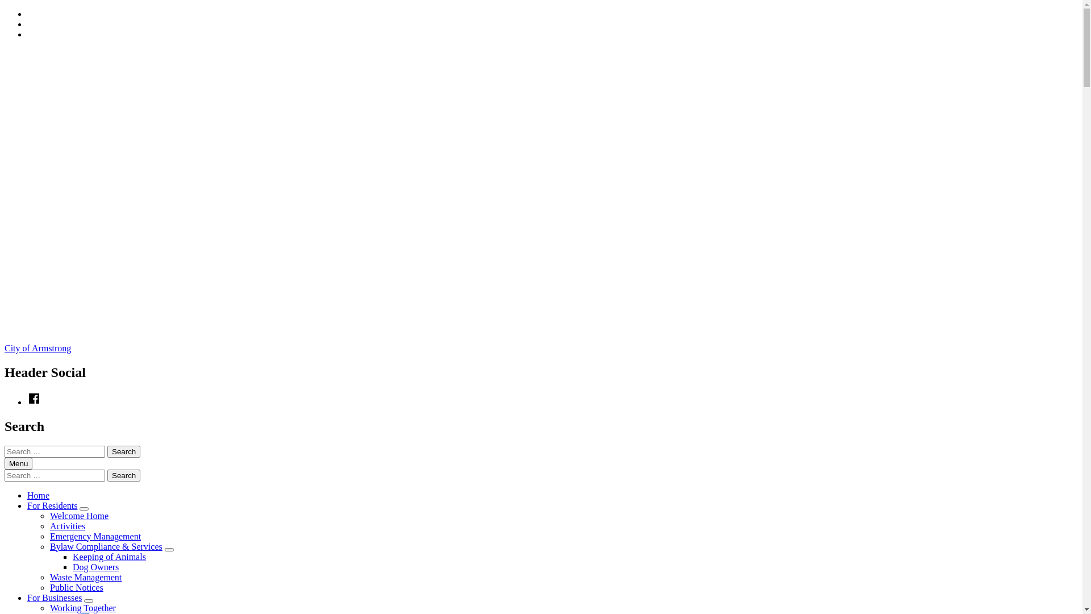  Describe the element at coordinates (78, 516) in the screenshot. I see `'Welcome Home'` at that location.